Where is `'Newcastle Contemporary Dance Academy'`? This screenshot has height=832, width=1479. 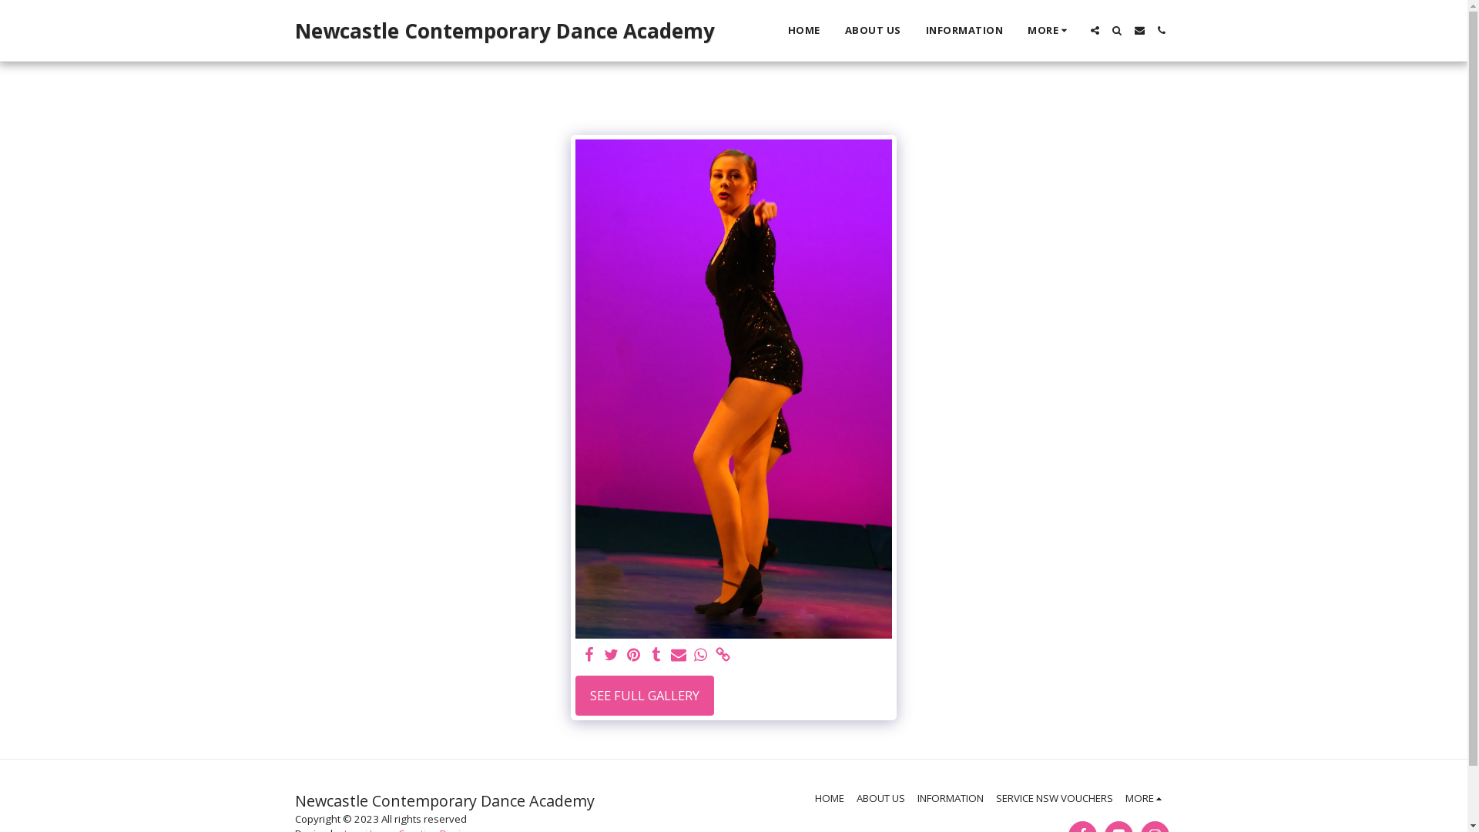 'Newcastle Contemporary Dance Academy' is located at coordinates (504, 30).